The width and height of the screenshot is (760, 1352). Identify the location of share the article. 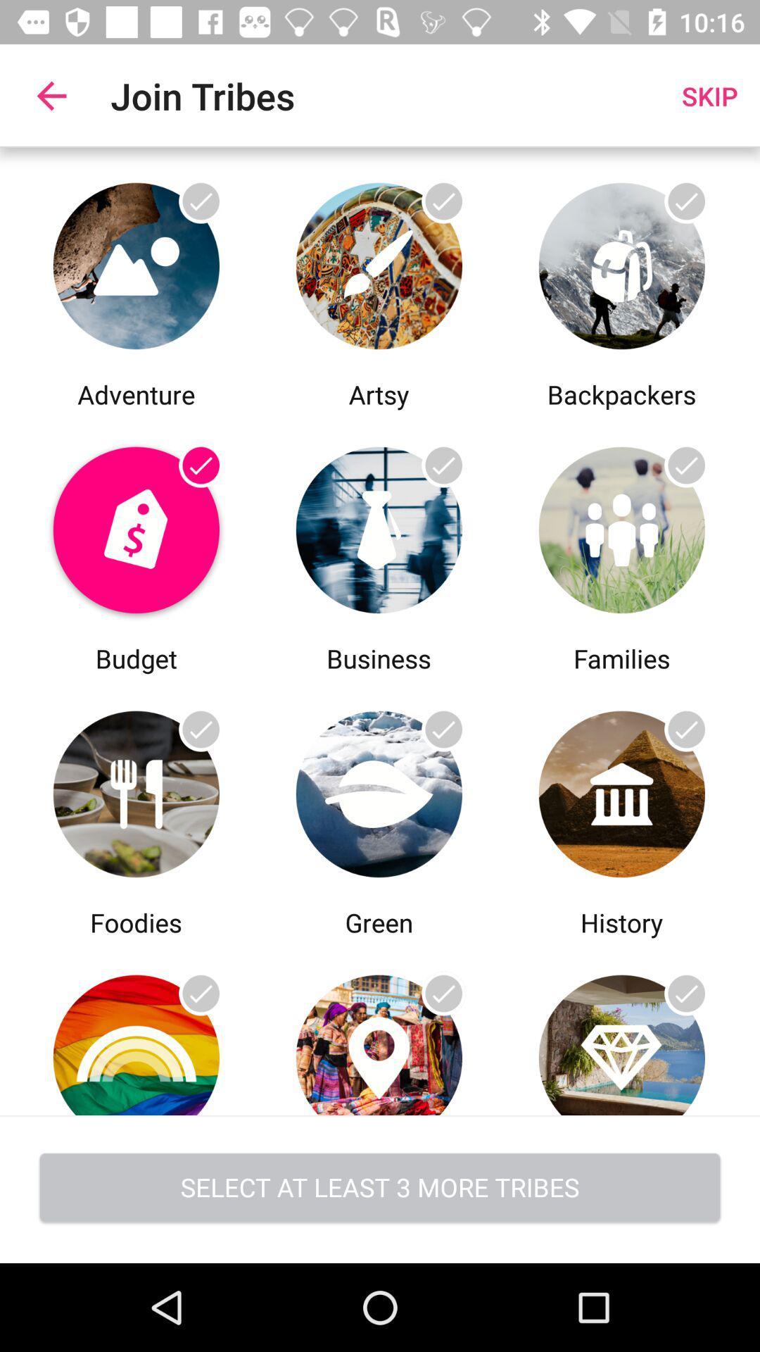
(136, 1027).